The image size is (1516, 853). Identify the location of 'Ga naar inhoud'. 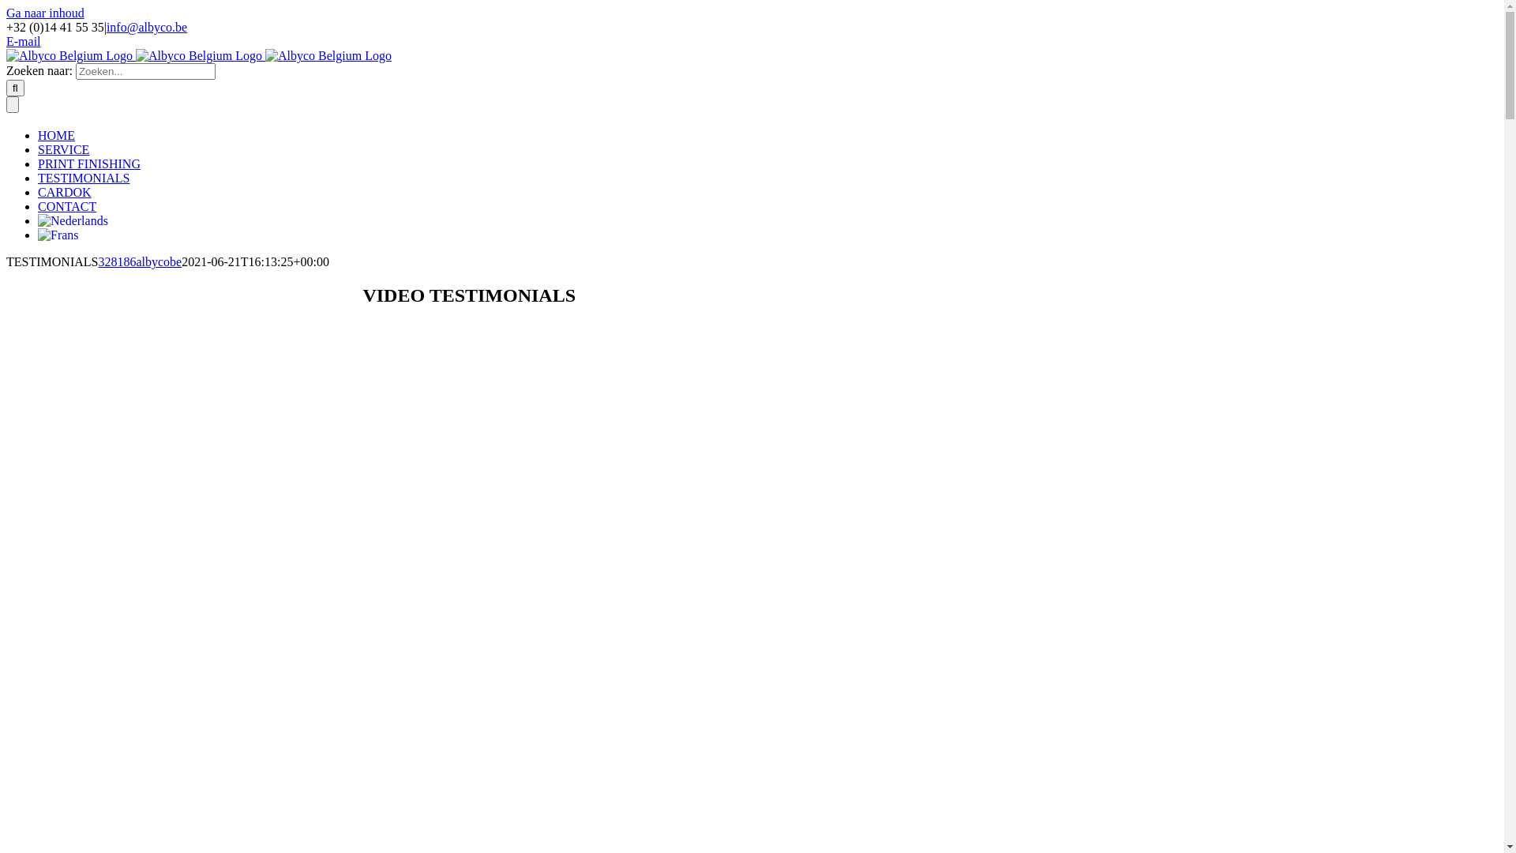
(45, 13).